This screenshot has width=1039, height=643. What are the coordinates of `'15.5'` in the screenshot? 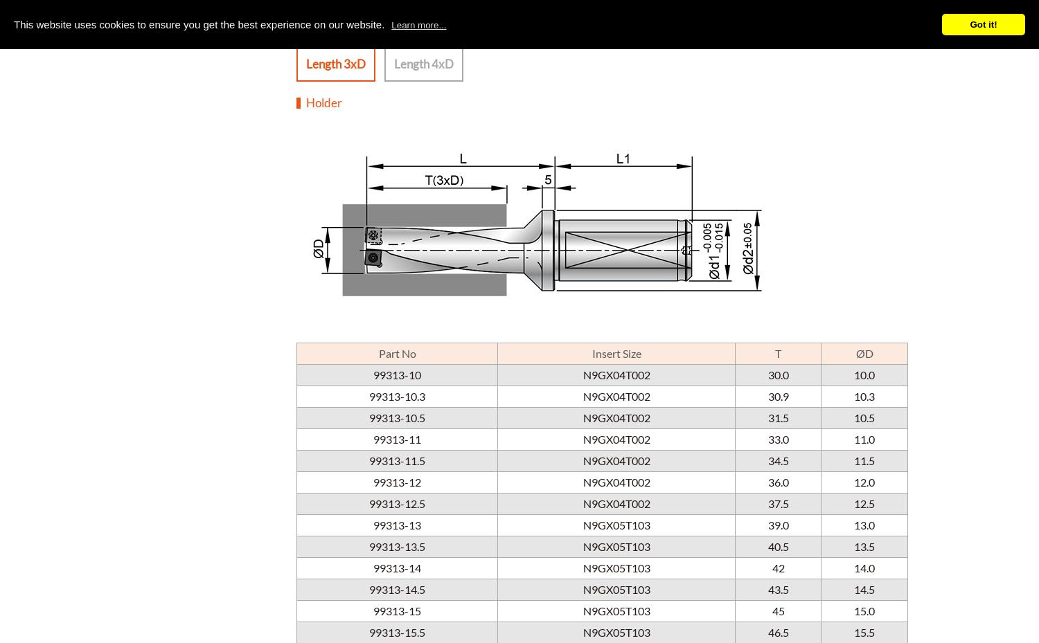 It's located at (864, 631).